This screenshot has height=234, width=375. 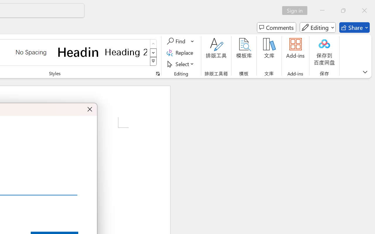 I want to click on 'Sign in', so click(x=297, y=10).